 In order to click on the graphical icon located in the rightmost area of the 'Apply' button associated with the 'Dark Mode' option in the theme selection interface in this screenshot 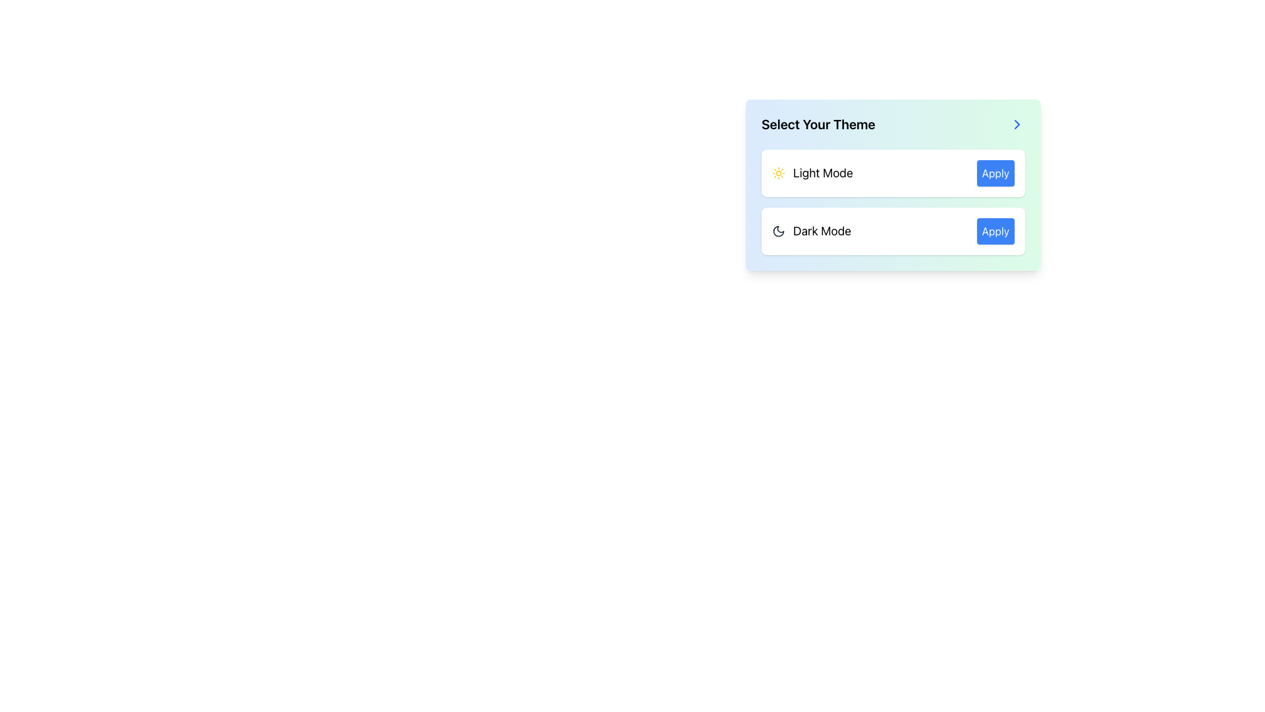, I will do `click(1017, 125)`.